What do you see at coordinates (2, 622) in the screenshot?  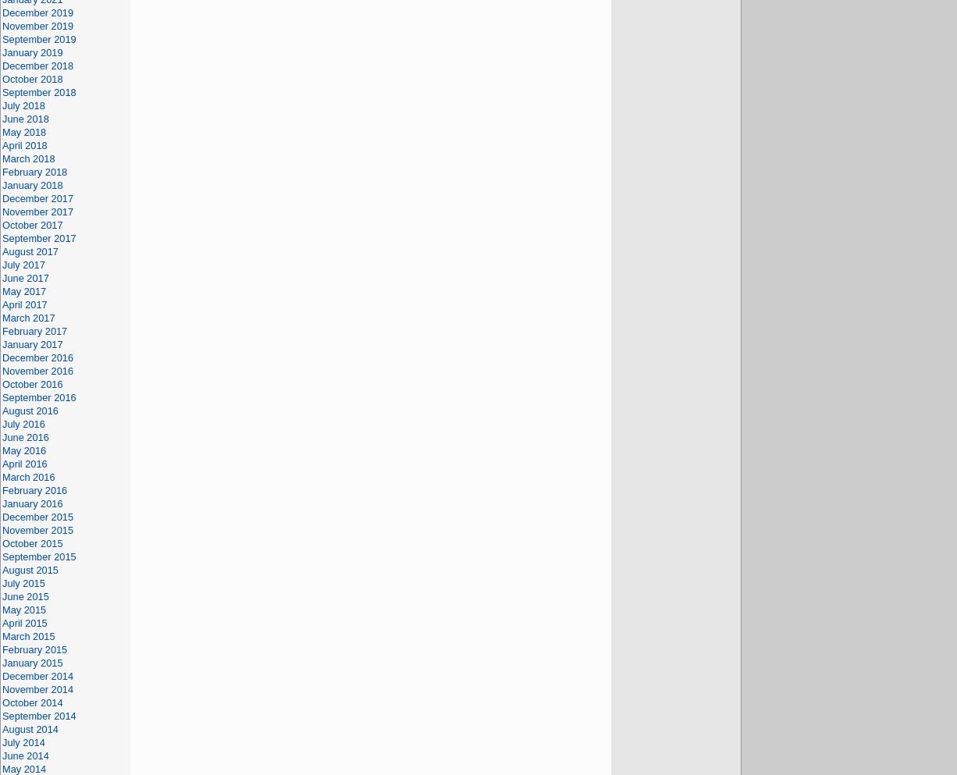 I see `'April 2015'` at bounding box center [2, 622].